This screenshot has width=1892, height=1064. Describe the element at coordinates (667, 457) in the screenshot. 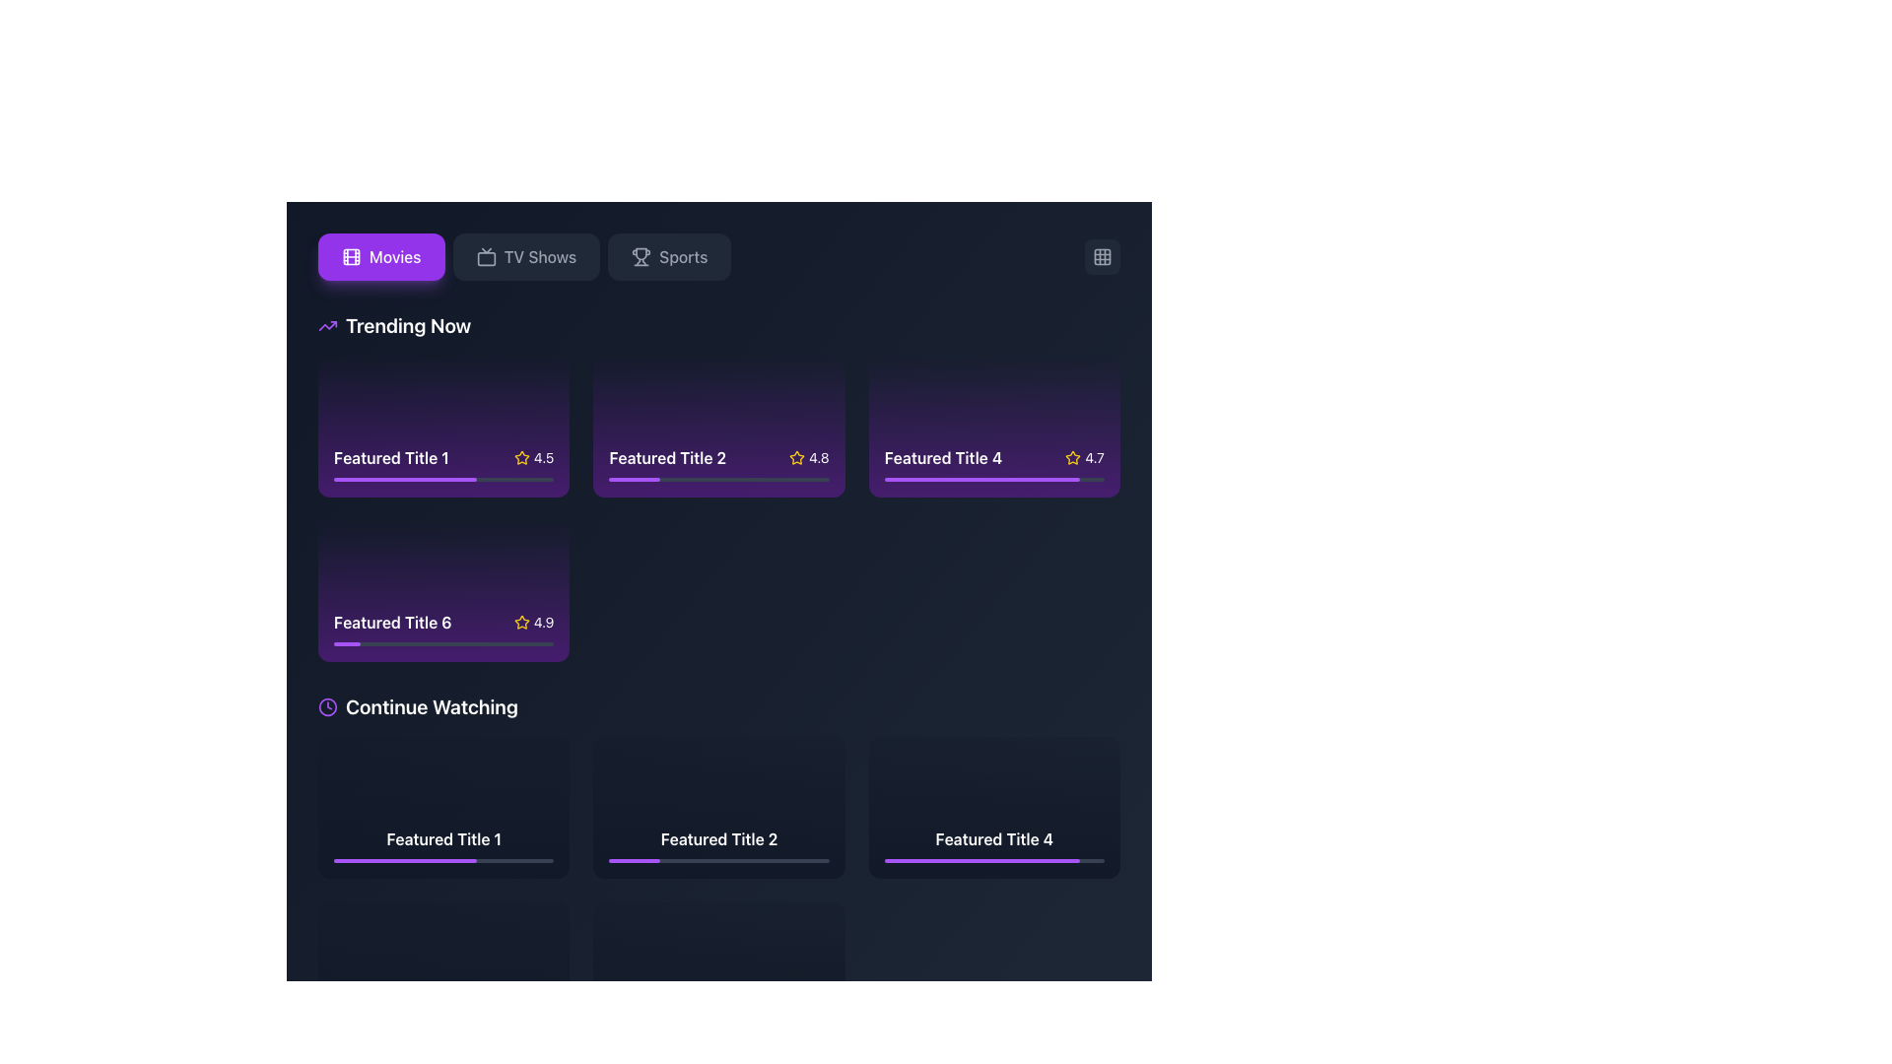

I see `the text label displaying 'Featured Title 2' on a purple background in the 'Trending Now' section` at that location.